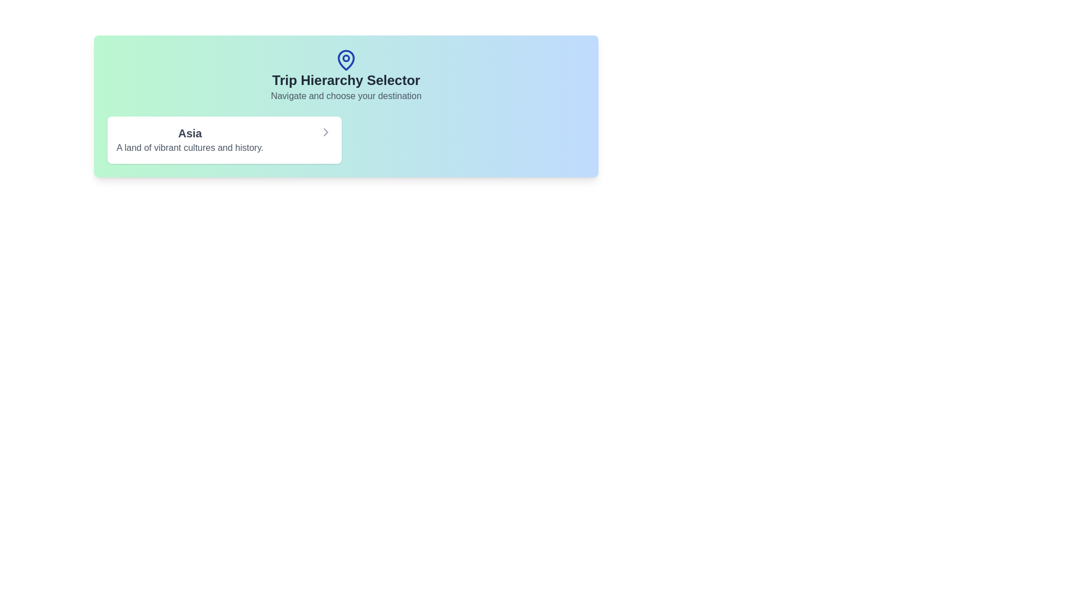 The width and height of the screenshot is (1081, 608). Describe the element at coordinates (345, 95) in the screenshot. I see `the Text Label that reads 'Navigate and choose your destination', which is displayed in a medium-sized gray font and located directly below the title 'Trip Hierarchy Selector'` at that location.